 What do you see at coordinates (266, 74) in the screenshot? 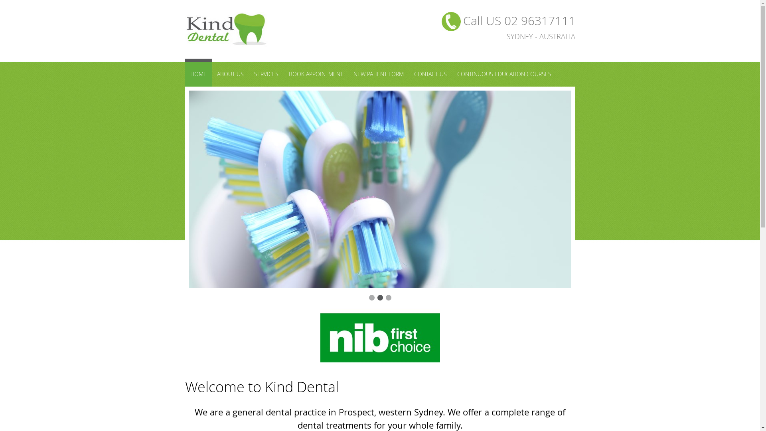
I see `'SERVICES'` at bounding box center [266, 74].